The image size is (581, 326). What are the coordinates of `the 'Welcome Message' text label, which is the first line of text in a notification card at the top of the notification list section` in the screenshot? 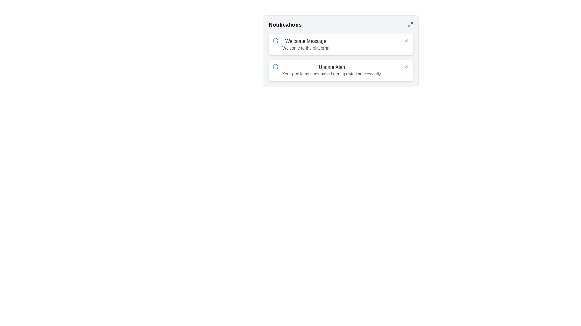 It's located at (306, 41).